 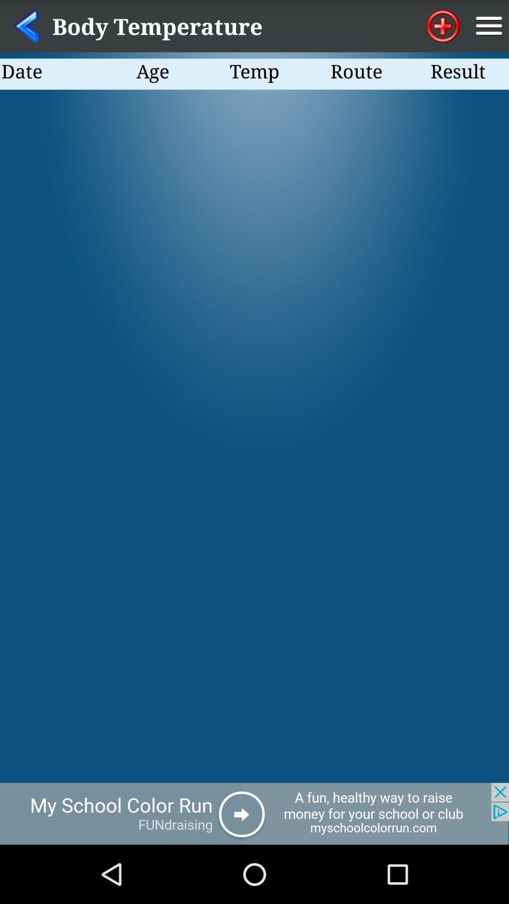 What do you see at coordinates (25, 26) in the screenshot?
I see `it is go previous page element` at bounding box center [25, 26].